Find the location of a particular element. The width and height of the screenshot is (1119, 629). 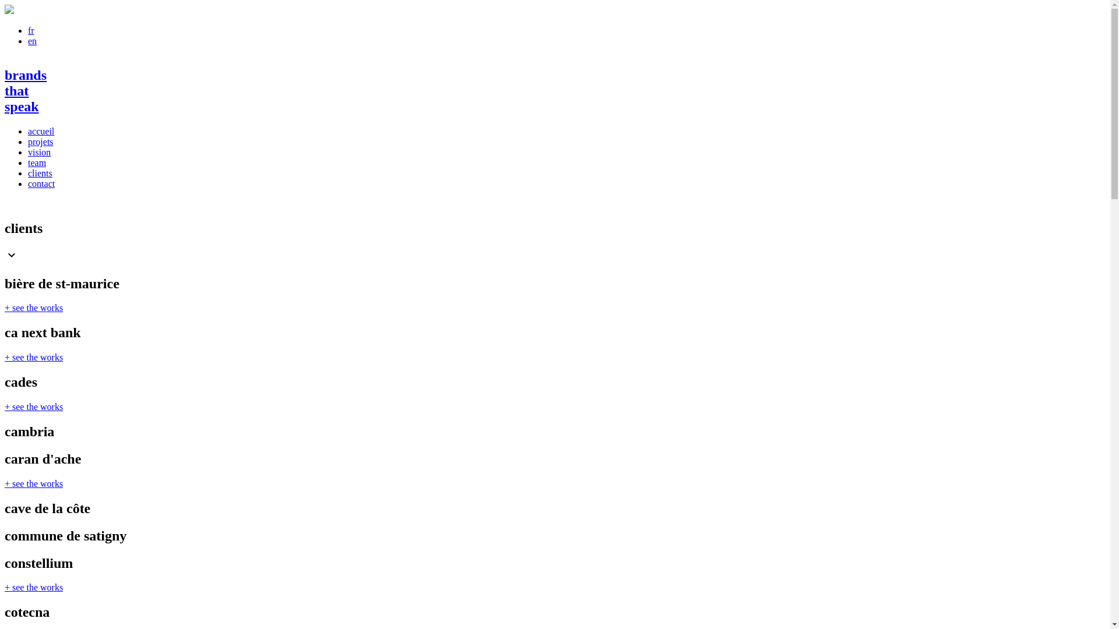

'projets' is located at coordinates (28, 141).